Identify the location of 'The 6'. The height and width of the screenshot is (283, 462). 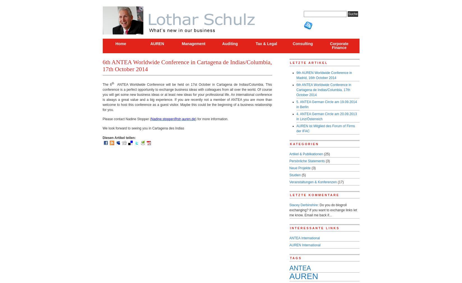
(102, 84).